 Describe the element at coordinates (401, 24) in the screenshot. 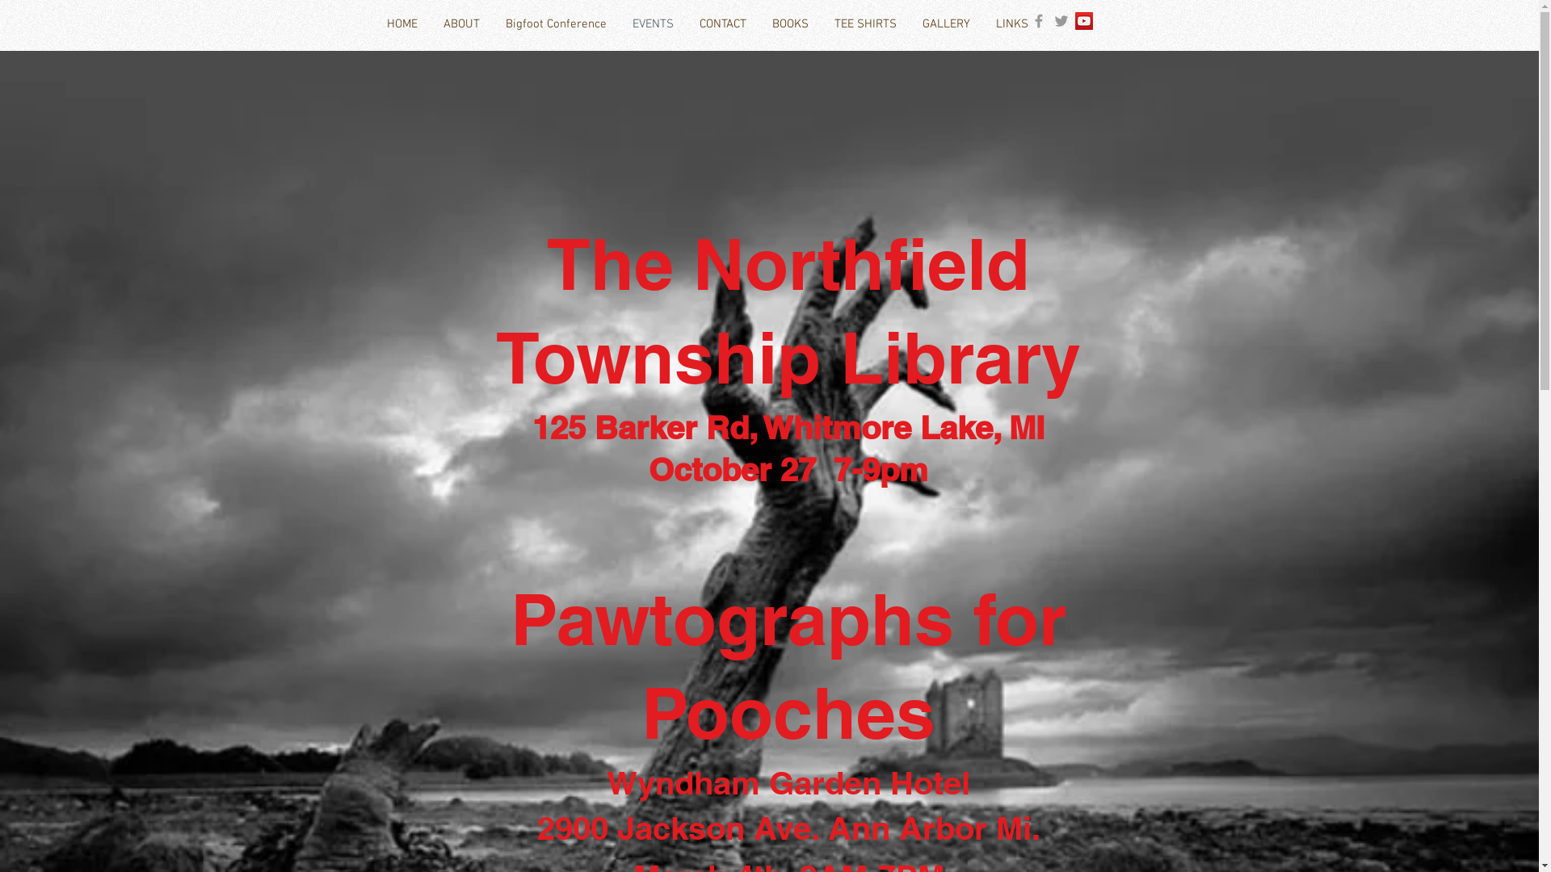

I see `'HOME'` at that location.